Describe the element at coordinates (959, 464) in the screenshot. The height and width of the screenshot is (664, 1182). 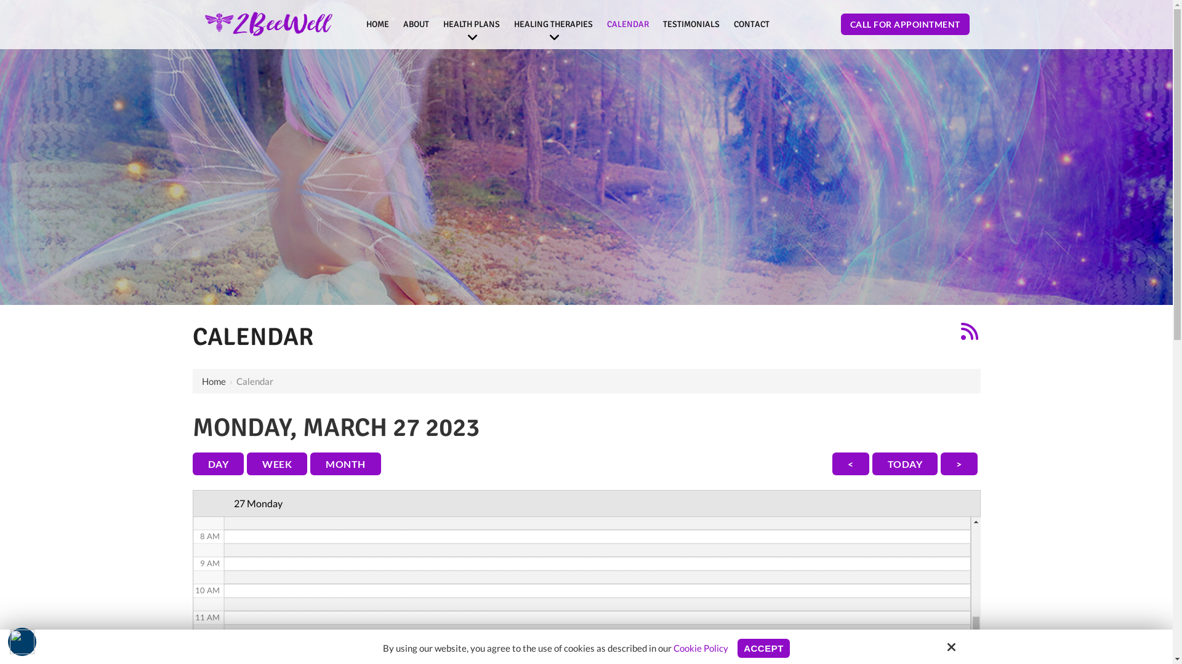
I see `'>'` at that location.